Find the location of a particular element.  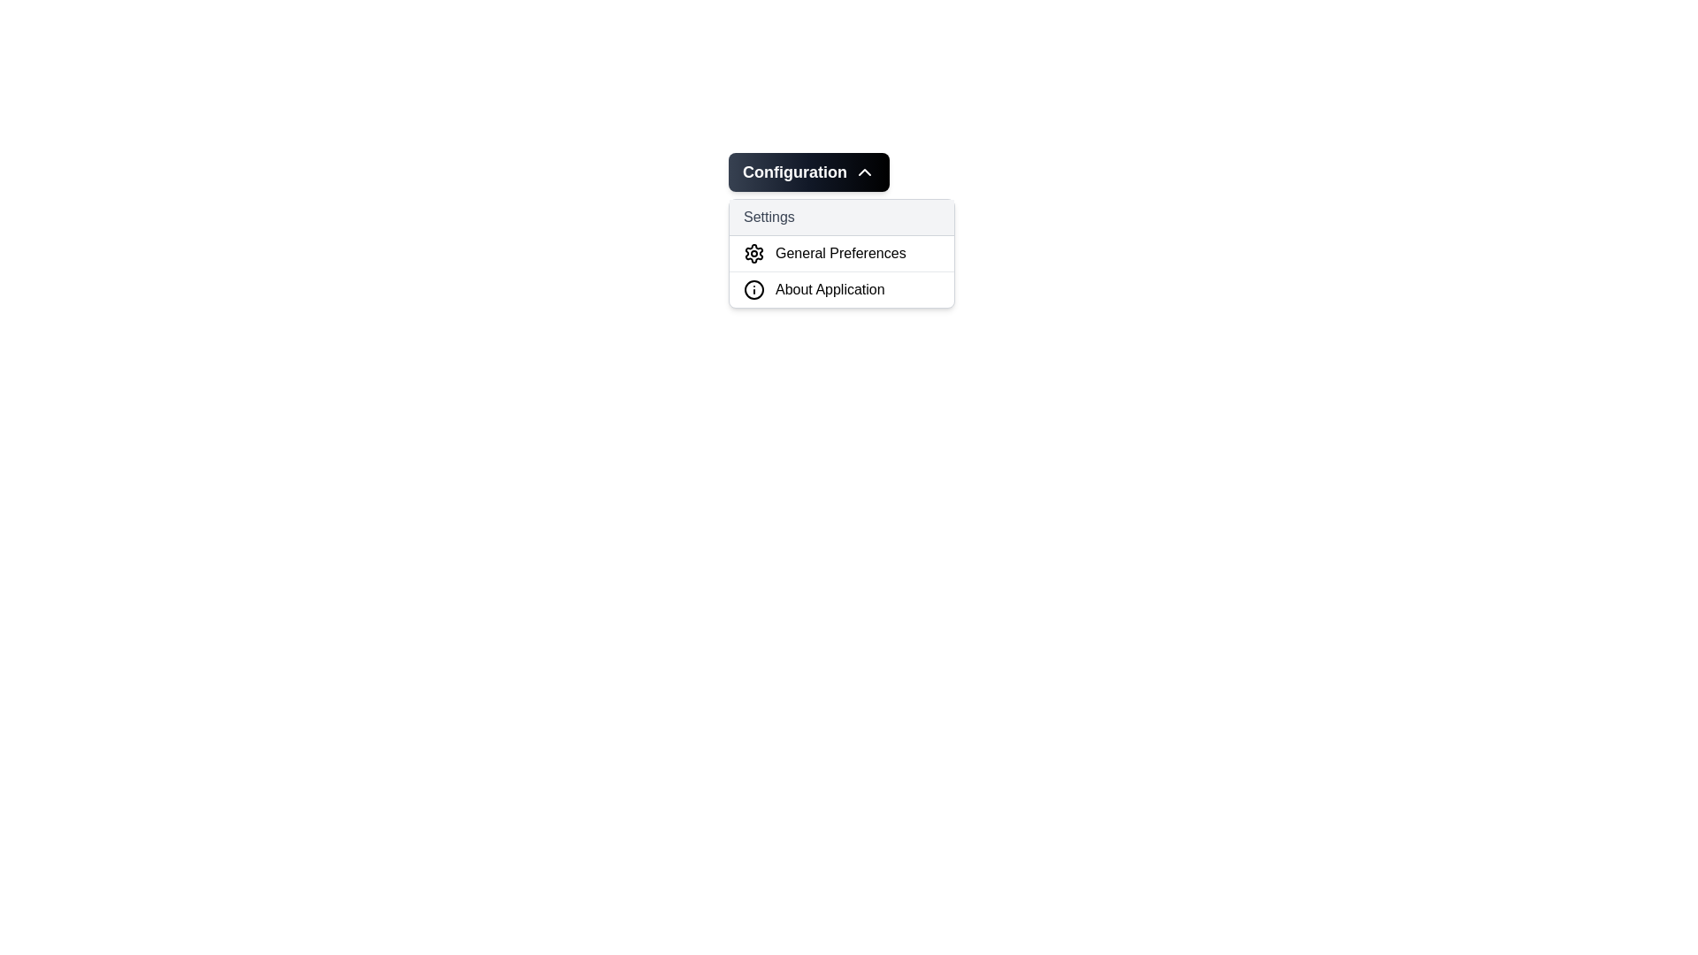

the central circle of the 'info' icon located next to the 'About Application' text in the dropdown menu is located at coordinates (754, 288).